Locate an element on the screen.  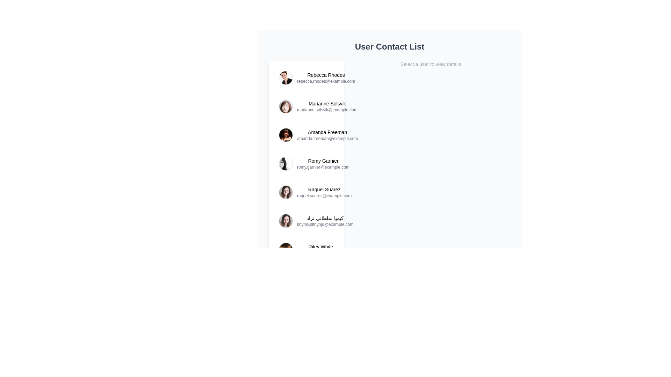
the circular profile picture of the user 'کیمیا سلطانی نژاد' is located at coordinates (286, 221).